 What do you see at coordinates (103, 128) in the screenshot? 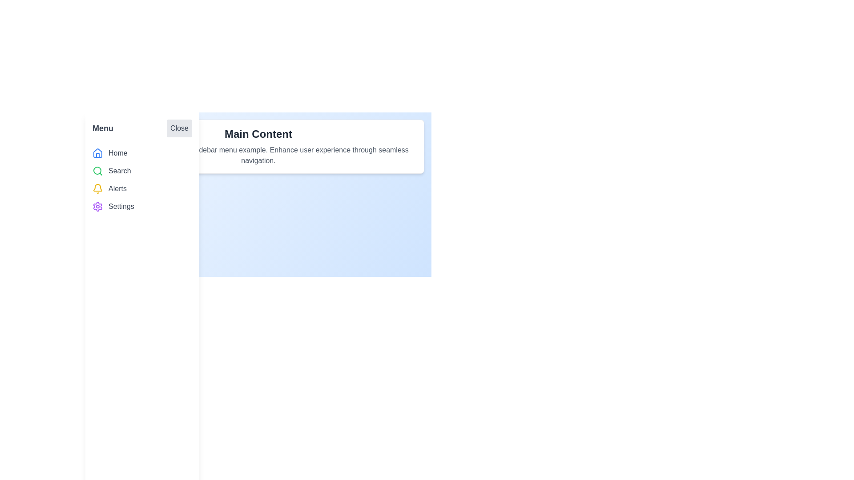
I see `the static text label located at the top-left corner of the sidebar menu, which provides context for the menu and is positioned next to the 'Close' button` at bounding box center [103, 128].